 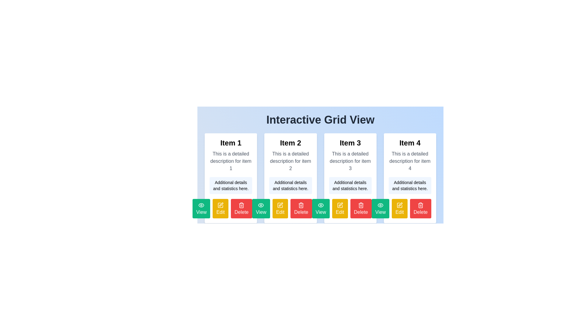 What do you see at coordinates (320, 161) in the screenshot?
I see `the 'Edit' button located at the bottom of the Card component, which is the third item in a grid layout with a white background and rounded corners` at bounding box center [320, 161].